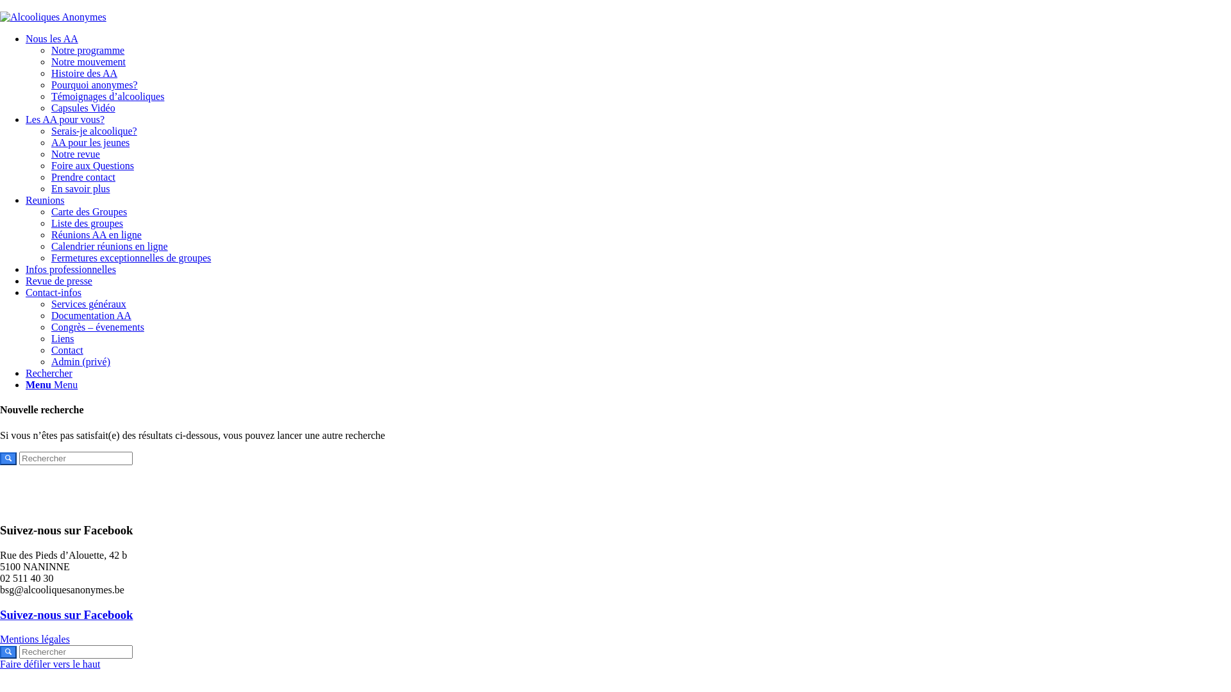 This screenshot has width=1231, height=692. Describe the element at coordinates (82, 177) in the screenshot. I see `'Prendre contact'` at that location.